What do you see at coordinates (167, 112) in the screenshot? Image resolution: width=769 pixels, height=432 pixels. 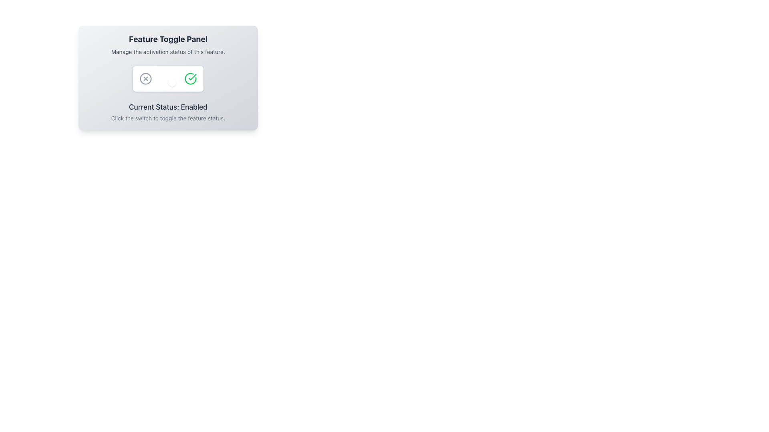 I see `the Informational Text Block that indicates the current toggle state and provides guidance to the user` at bounding box center [167, 112].